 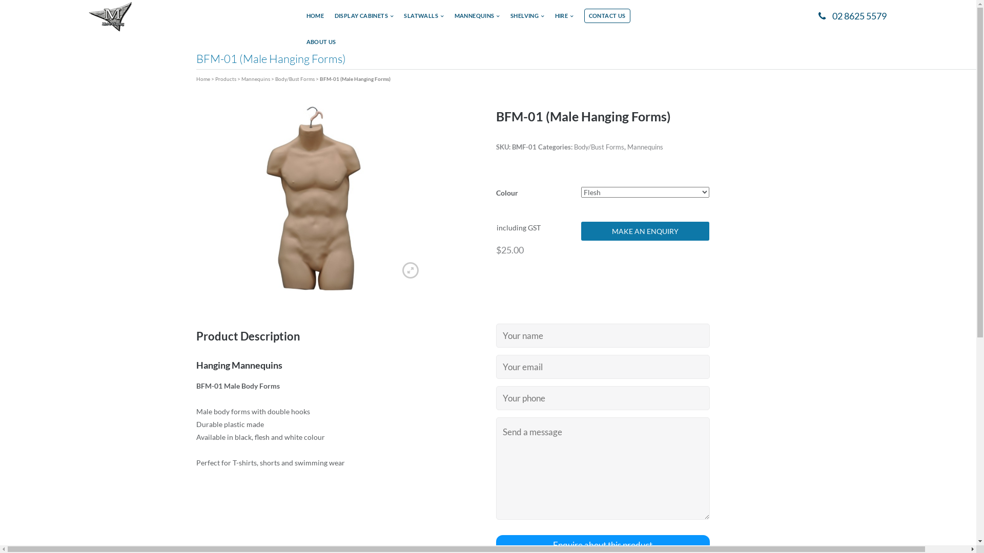 I want to click on 'SLATWALLS', so click(x=423, y=19).